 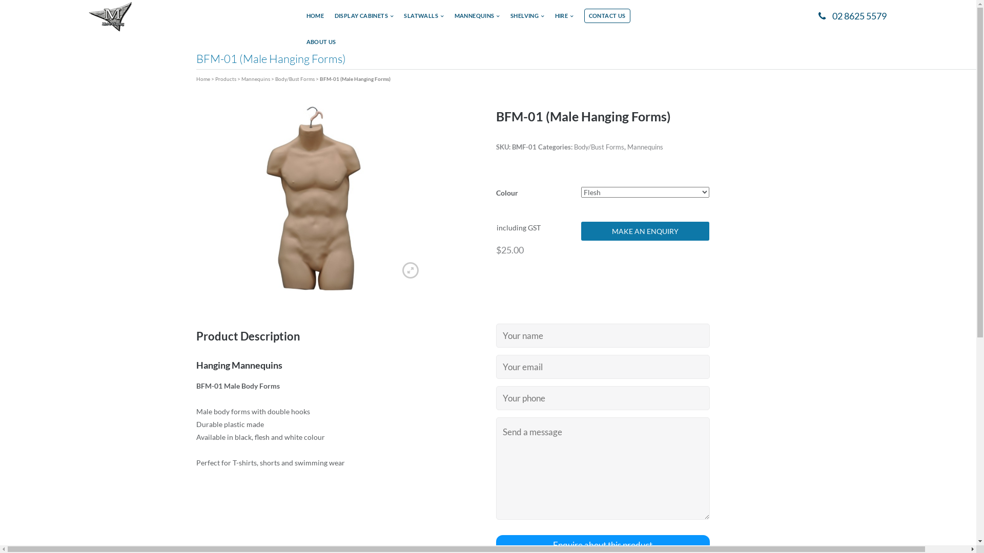 I want to click on 'SLATWALLS', so click(x=423, y=19).